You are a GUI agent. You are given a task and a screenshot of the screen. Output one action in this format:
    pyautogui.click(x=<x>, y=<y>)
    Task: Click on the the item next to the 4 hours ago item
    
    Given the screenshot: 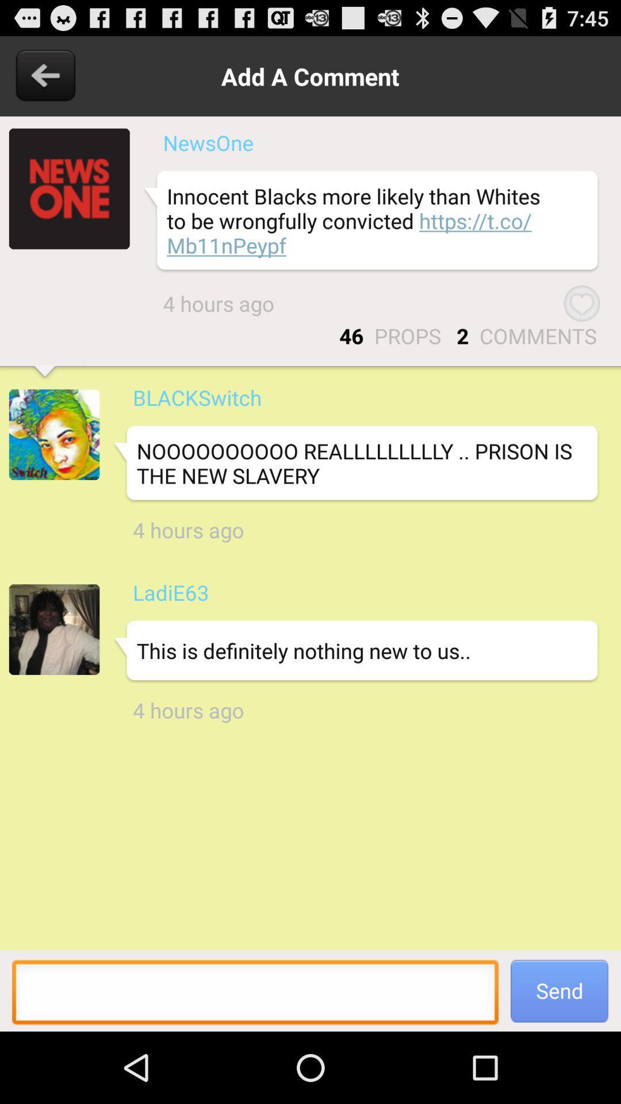 What is the action you would take?
    pyautogui.click(x=581, y=304)
    